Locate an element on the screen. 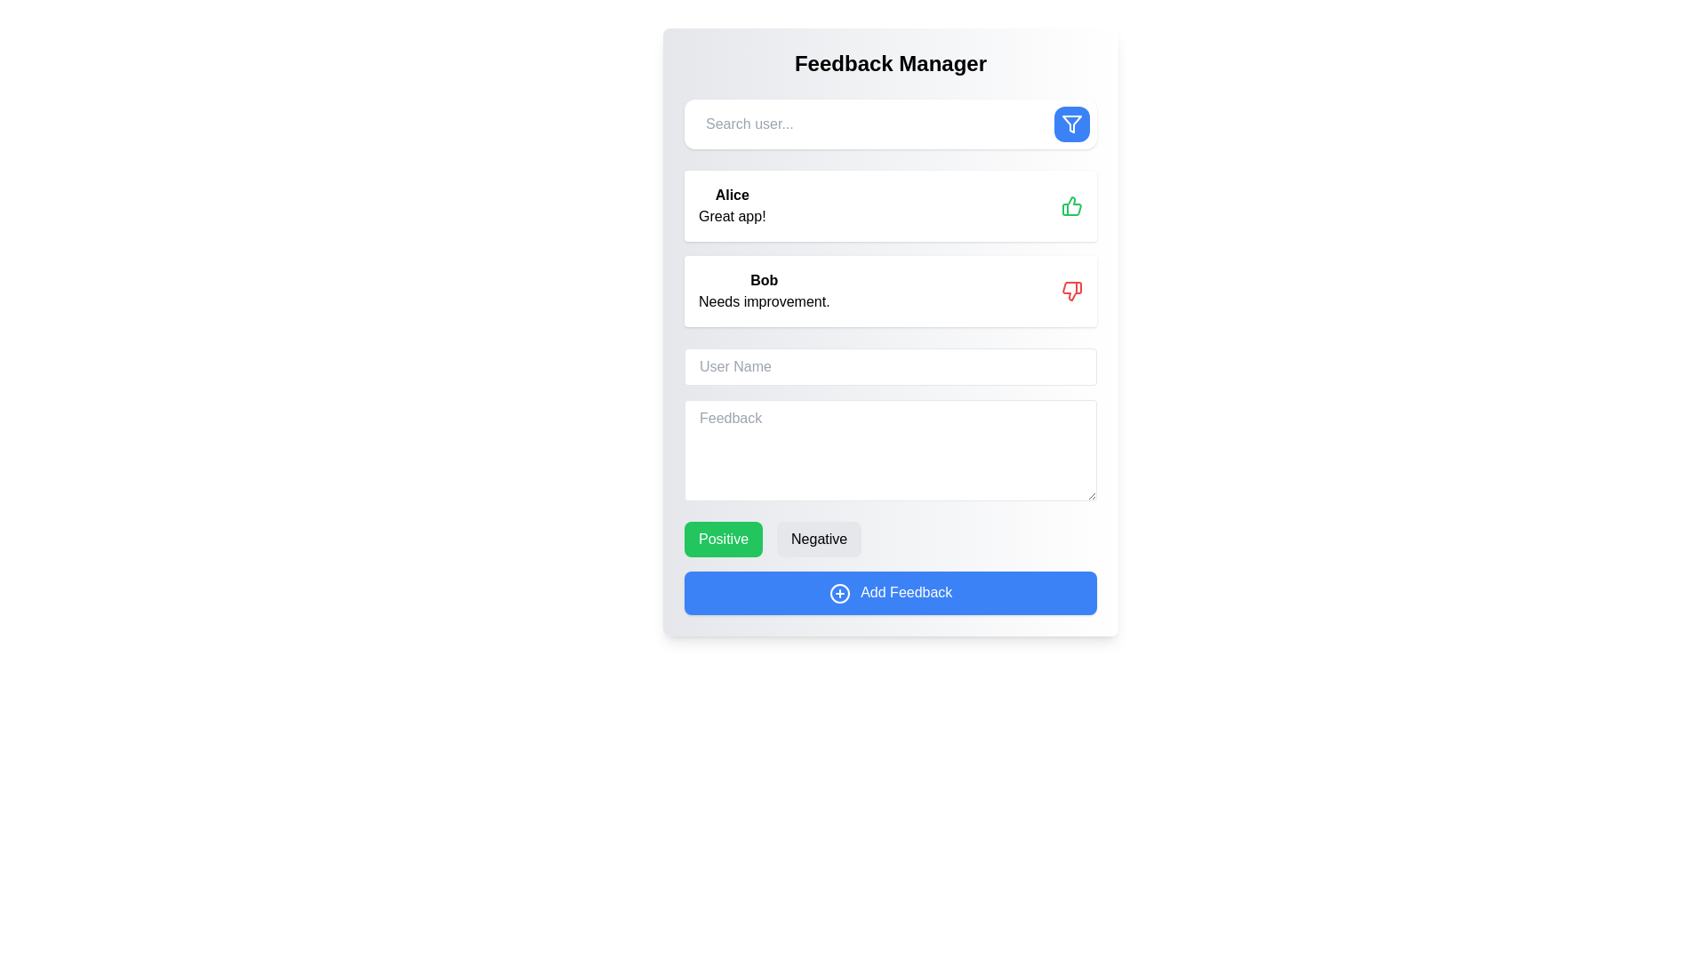 Image resolution: width=1707 pixels, height=960 pixels. the text display element showing the username 'Bob' and their feedback 'Needs improvement.', which is centered in a rounded white box with a shadow is located at coordinates (764, 290).